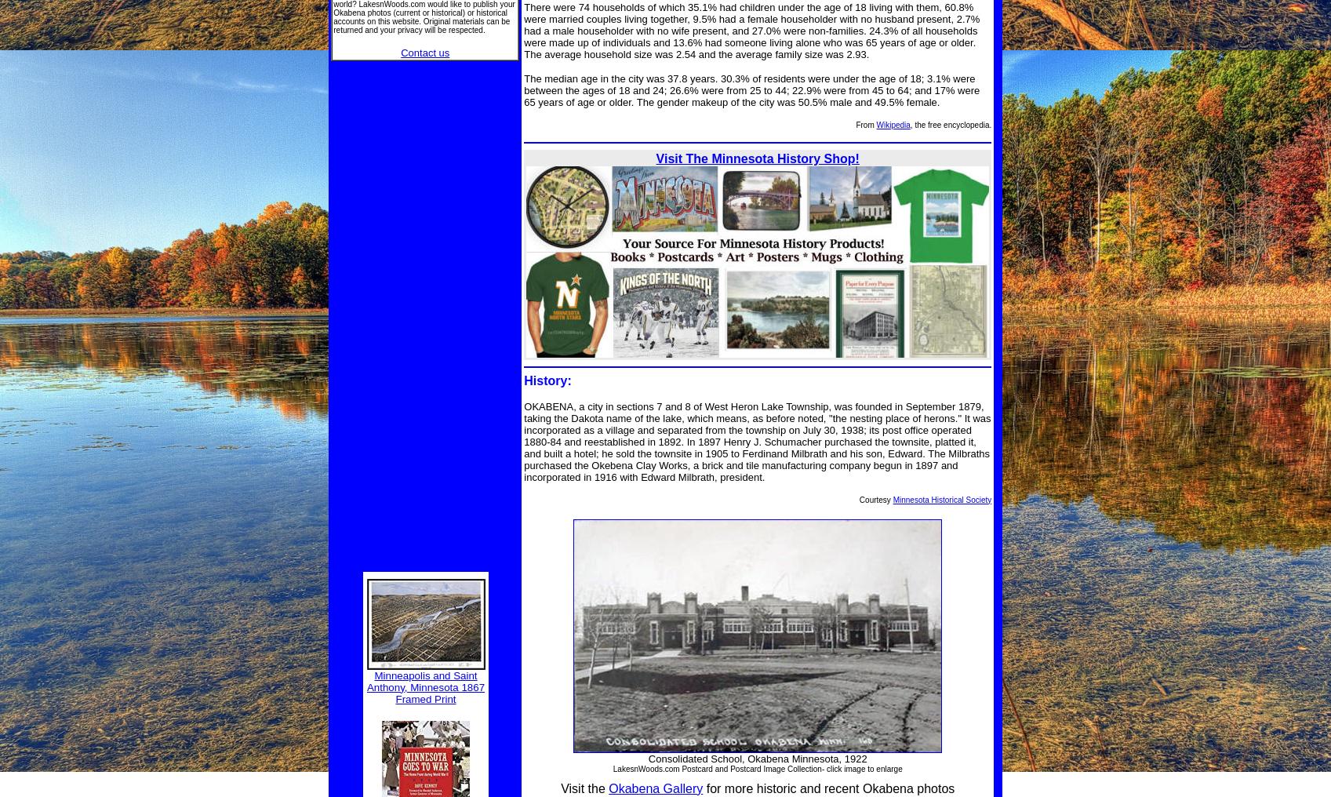 The height and width of the screenshot is (797, 1331). What do you see at coordinates (757, 158) in the screenshot?
I see `'Visit The 
				Minnesota History Shop!'` at bounding box center [757, 158].